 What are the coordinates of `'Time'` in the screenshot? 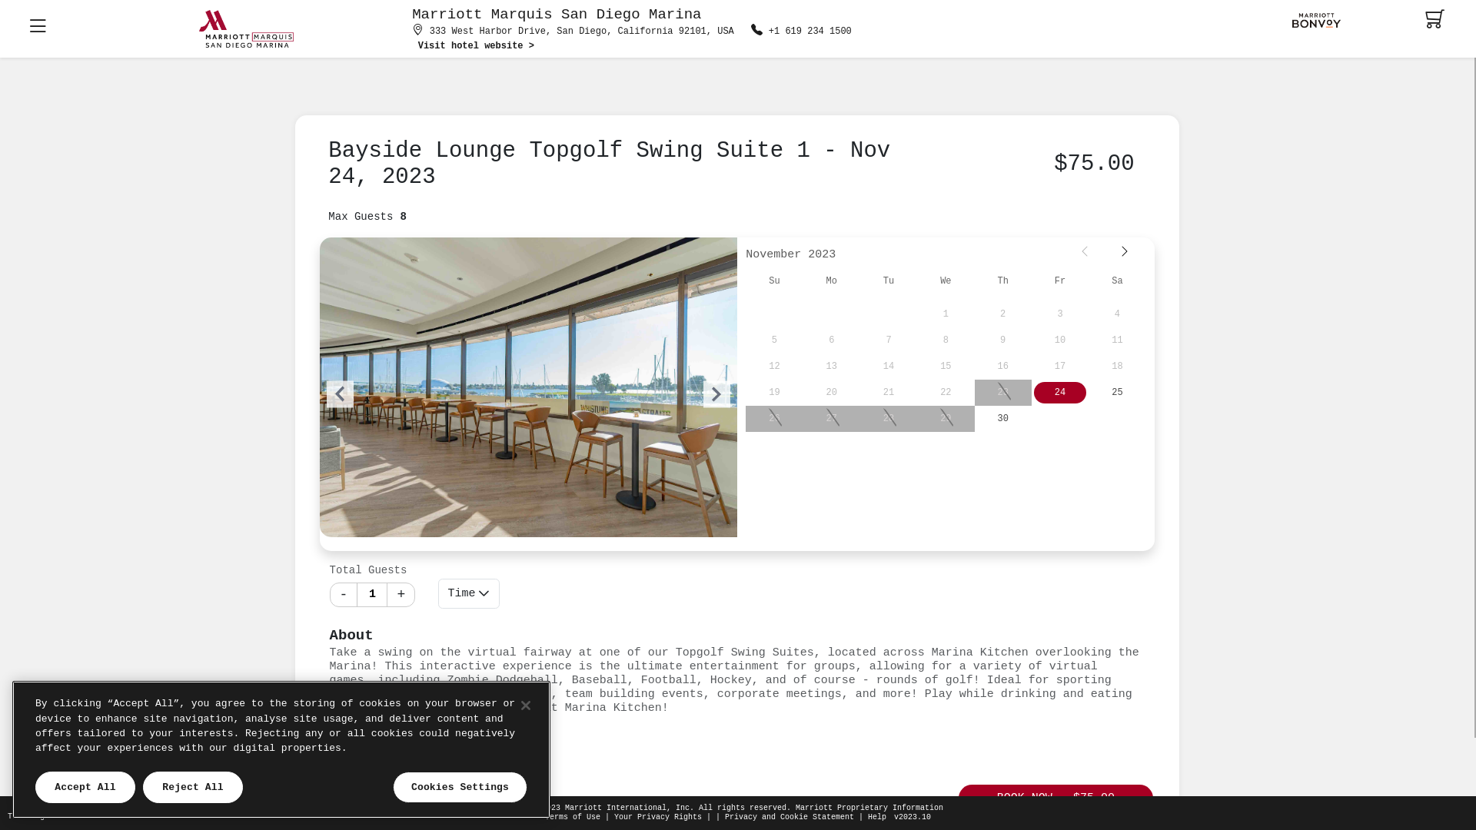 It's located at (437, 593).